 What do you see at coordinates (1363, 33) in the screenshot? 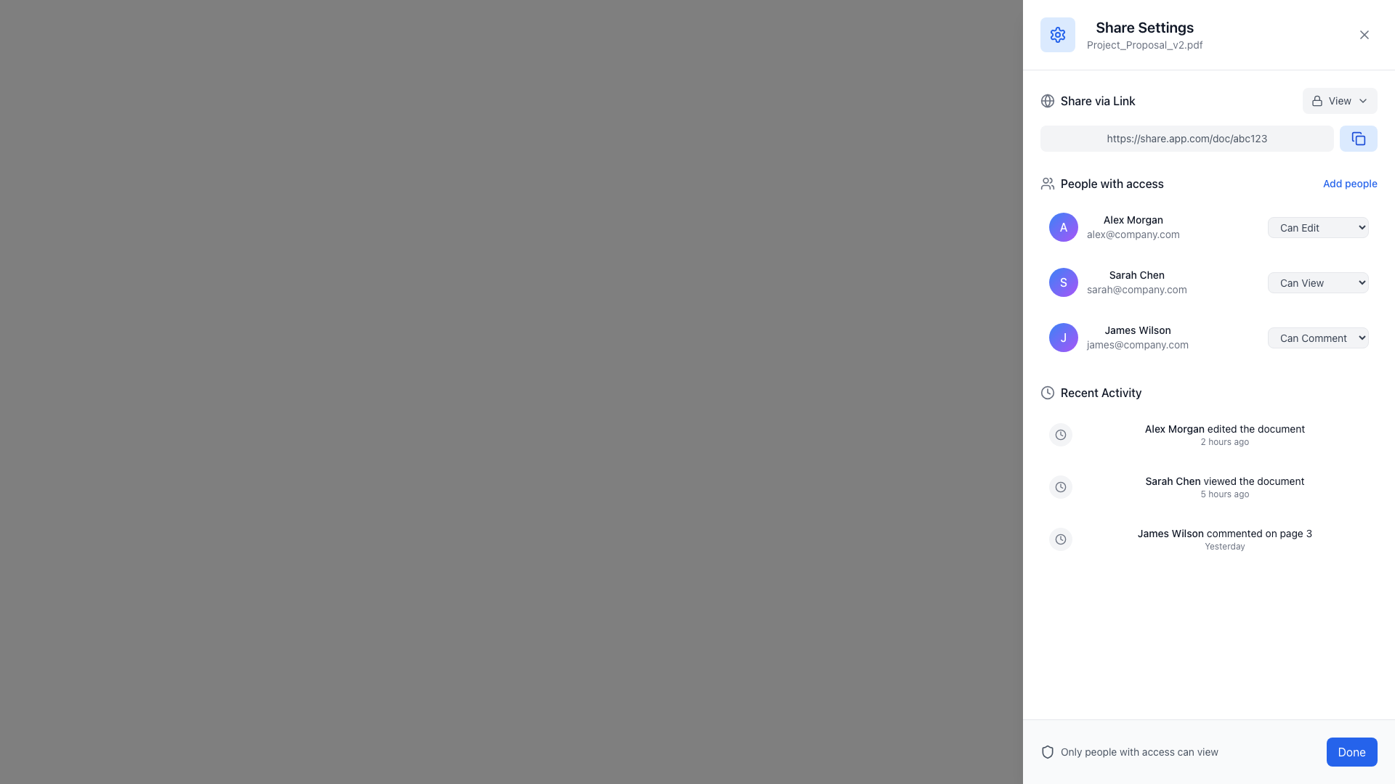
I see `the SVG icon depicting a cross (X) shape located in the top-right corner of the sidebar adjacent to the 'Share Settings' header text` at bounding box center [1363, 33].